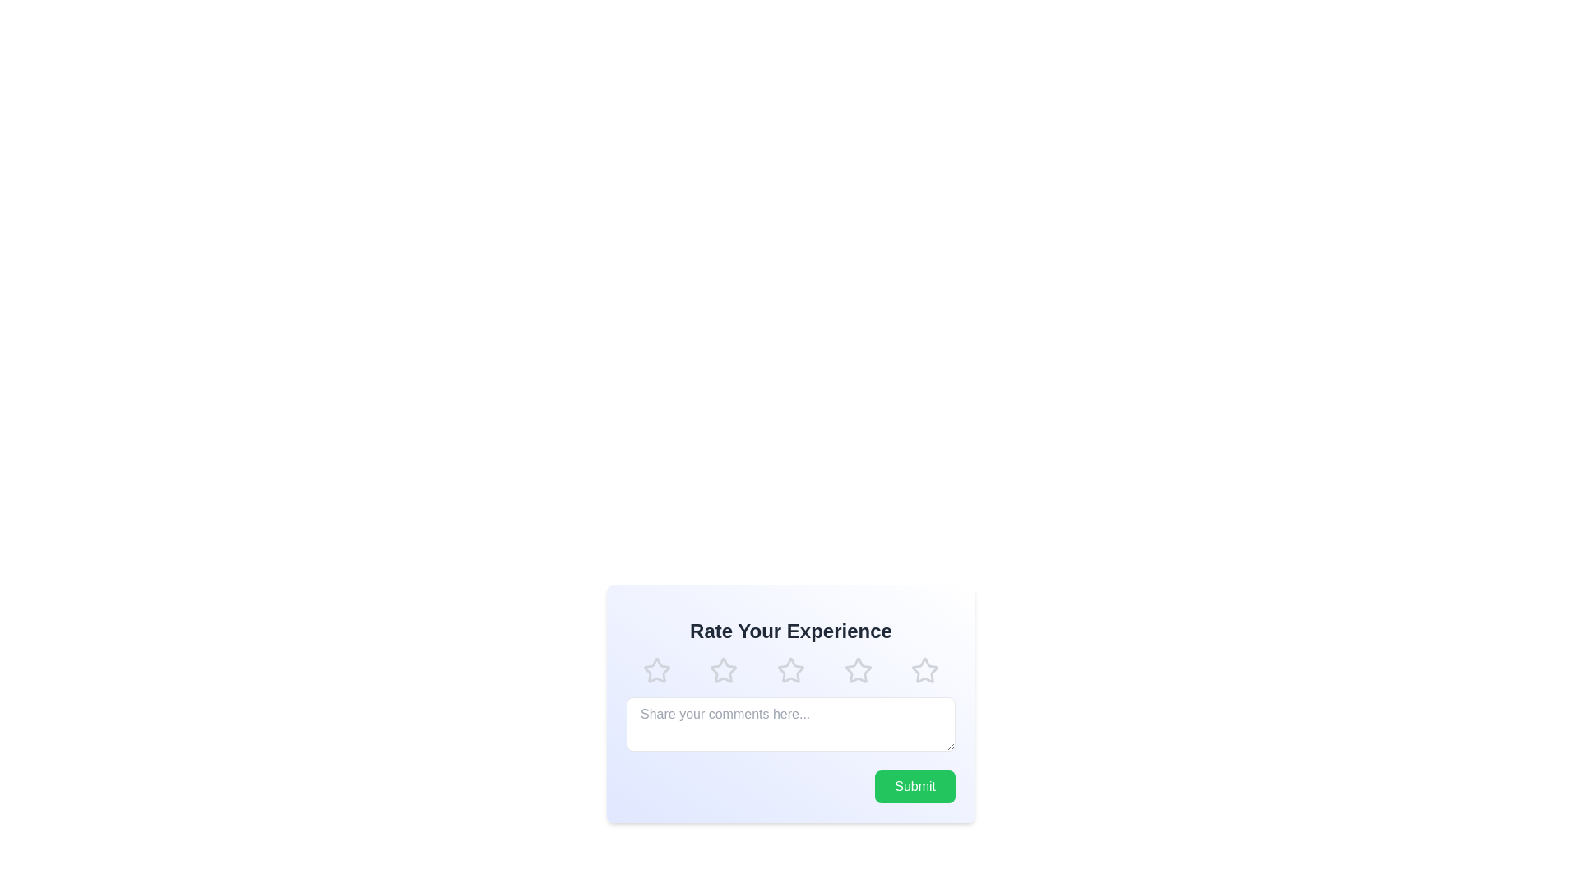 Image resolution: width=1579 pixels, height=888 pixels. Describe the element at coordinates (924, 671) in the screenshot. I see `the star rating to 5 stars` at that location.